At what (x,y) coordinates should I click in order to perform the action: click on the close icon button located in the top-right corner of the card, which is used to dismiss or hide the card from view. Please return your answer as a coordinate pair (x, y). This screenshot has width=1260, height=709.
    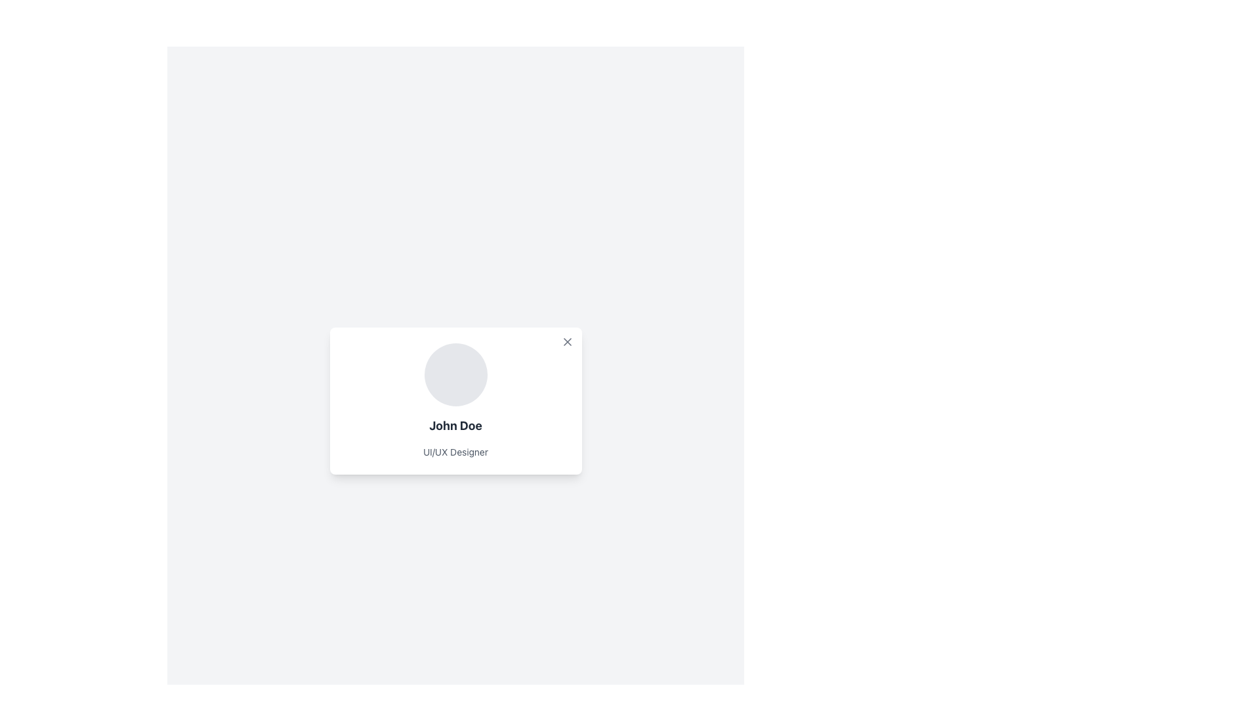
    Looking at the image, I should click on (567, 341).